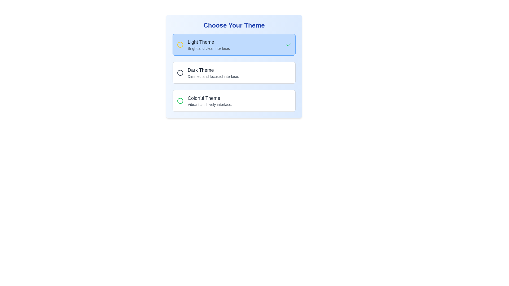  What do you see at coordinates (208, 42) in the screenshot?
I see `the 'Light Theme' text label, which serves as a label for the corresponding radio button in the theme selection list` at bounding box center [208, 42].